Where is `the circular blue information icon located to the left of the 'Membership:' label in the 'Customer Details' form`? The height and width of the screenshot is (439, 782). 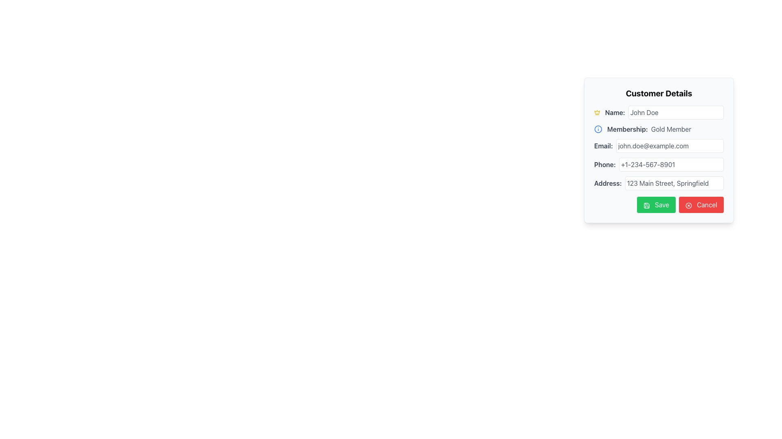
the circular blue information icon located to the left of the 'Membership:' label in the 'Customer Details' form is located at coordinates (598, 128).